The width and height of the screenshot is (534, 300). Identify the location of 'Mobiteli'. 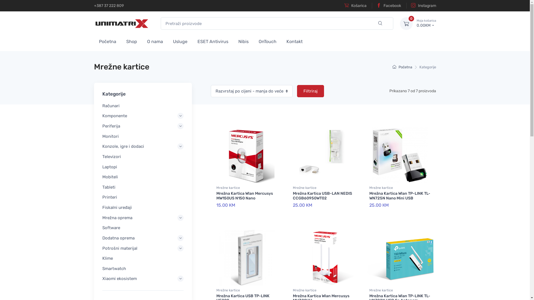
(102, 177).